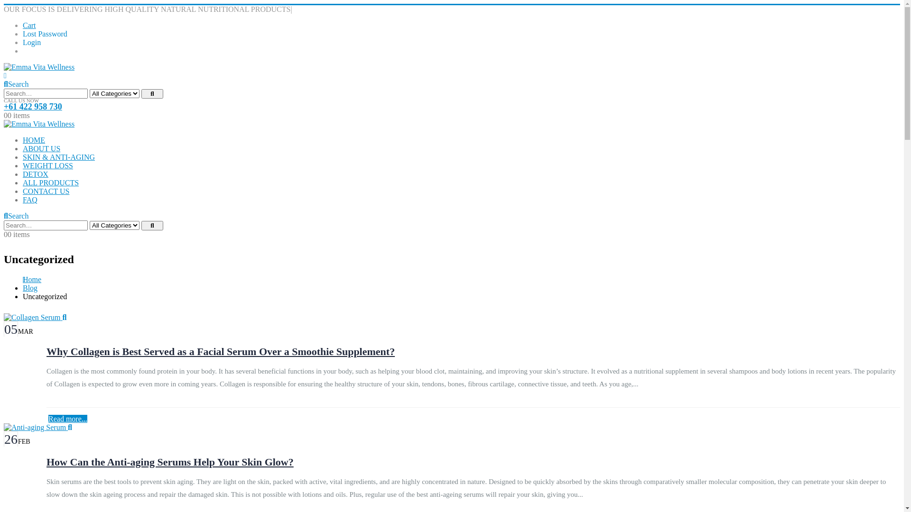  I want to click on 'ABOUT US', so click(23, 148).